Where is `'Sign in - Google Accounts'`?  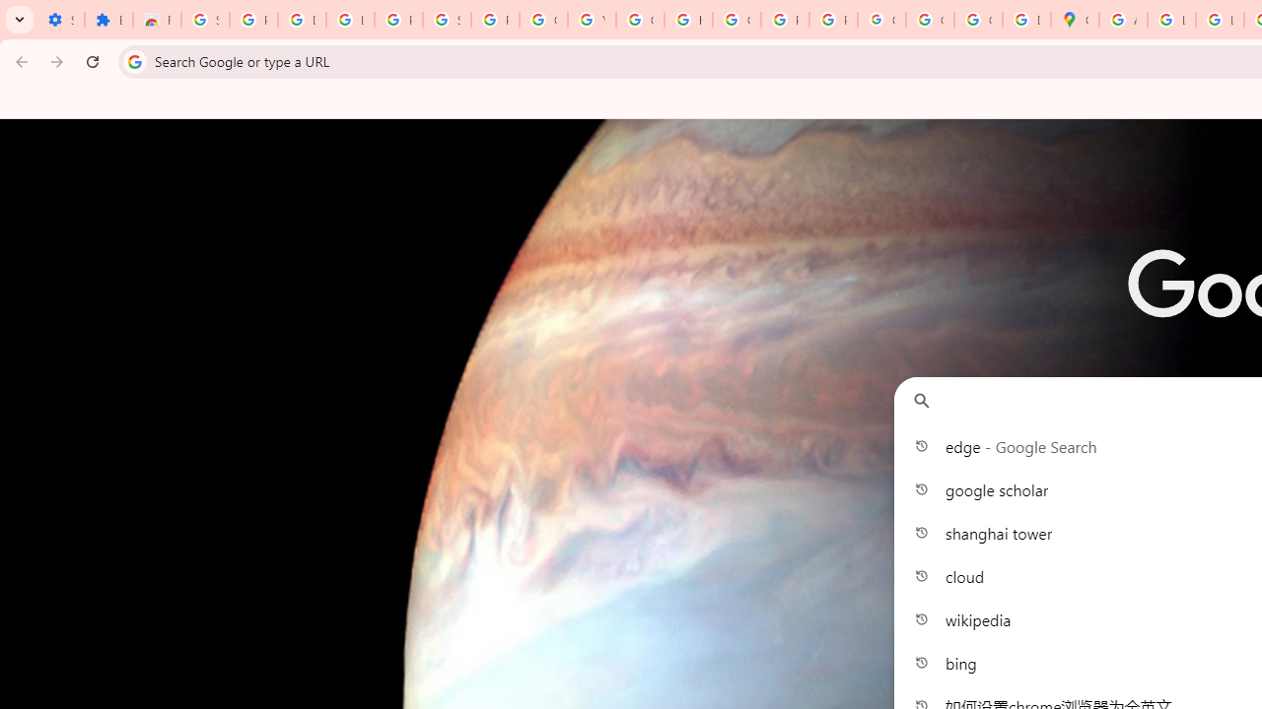
'Sign in - Google Accounts' is located at coordinates (205, 20).